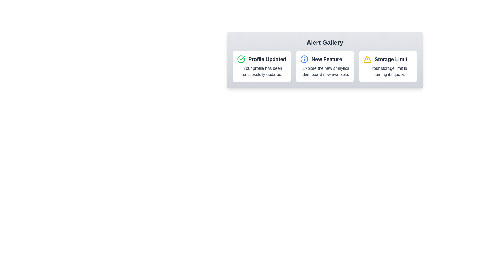  What do you see at coordinates (326, 71) in the screenshot?
I see `the second text component within the 'New Feature' card, located directly below the bold 'New Feature' heading` at bounding box center [326, 71].